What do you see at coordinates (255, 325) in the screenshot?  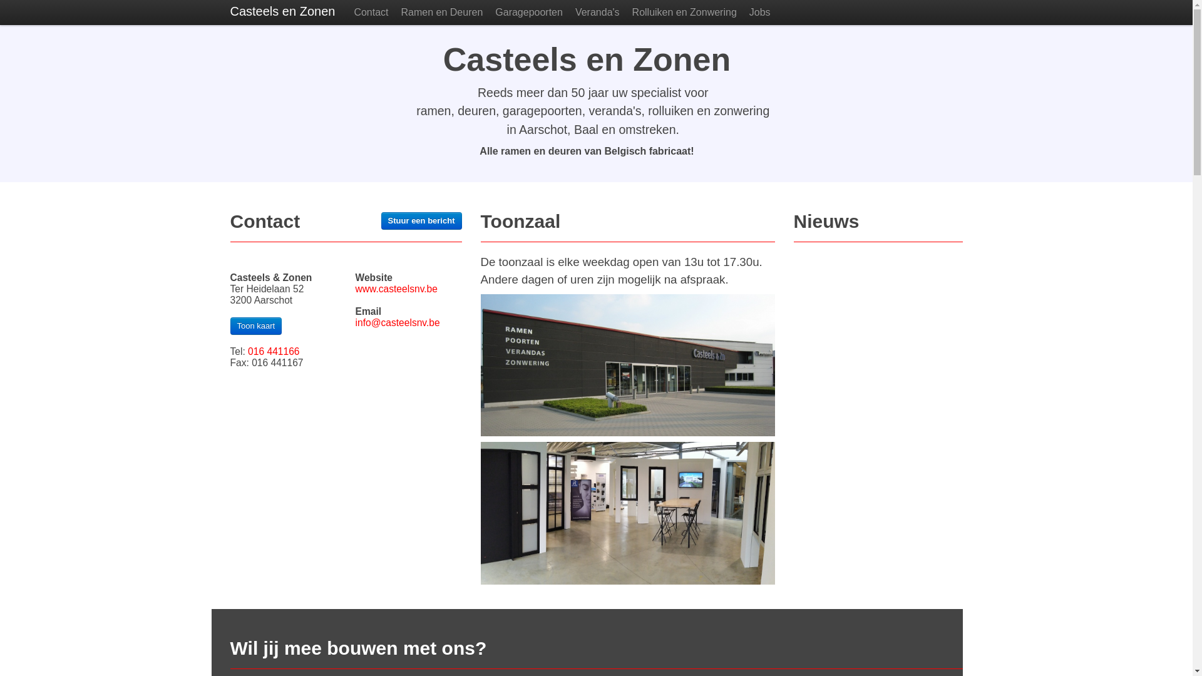 I see `'Toon kaart'` at bounding box center [255, 325].